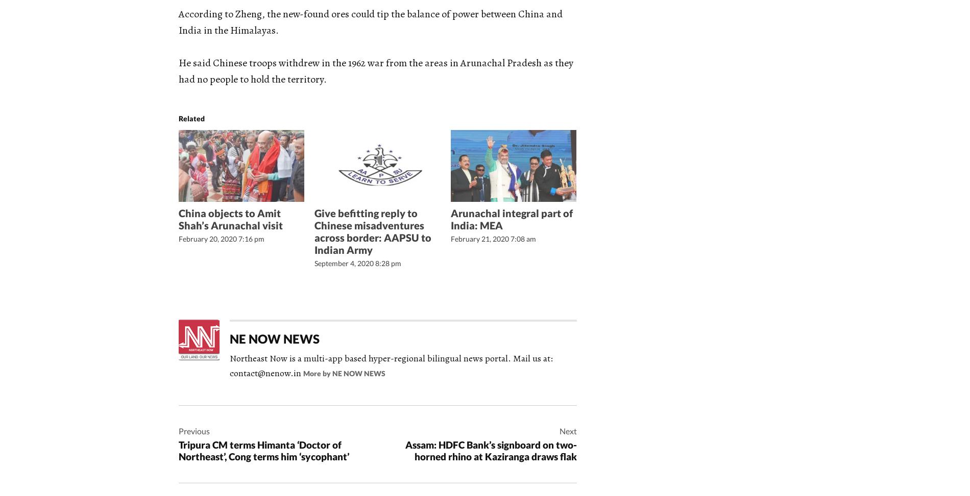 The width and height of the screenshot is (970, 496). I want to click on 'Next', so click(568, 431).